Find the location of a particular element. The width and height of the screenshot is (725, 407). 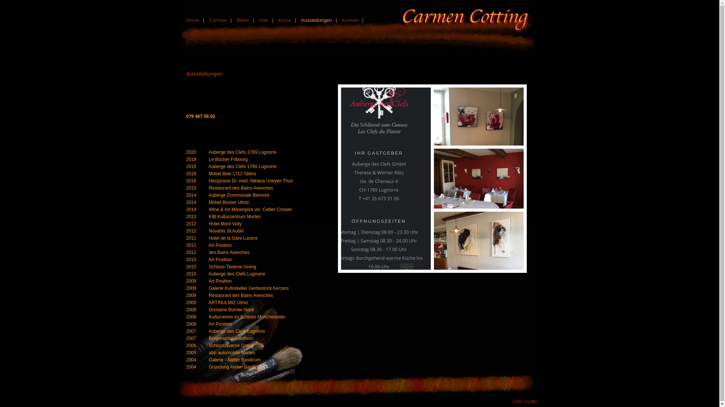

'Home' is located at coordinates (193, 20).